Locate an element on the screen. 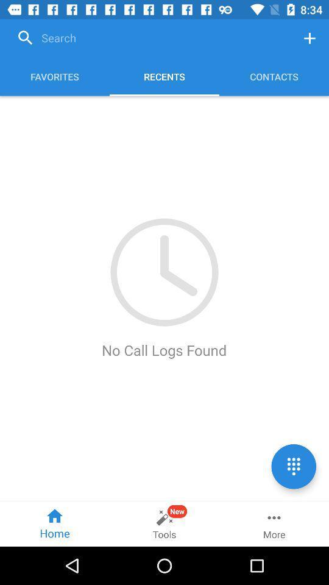 The width and height of the screenshot is (329, 585). more is located at coordinates (274, 523).